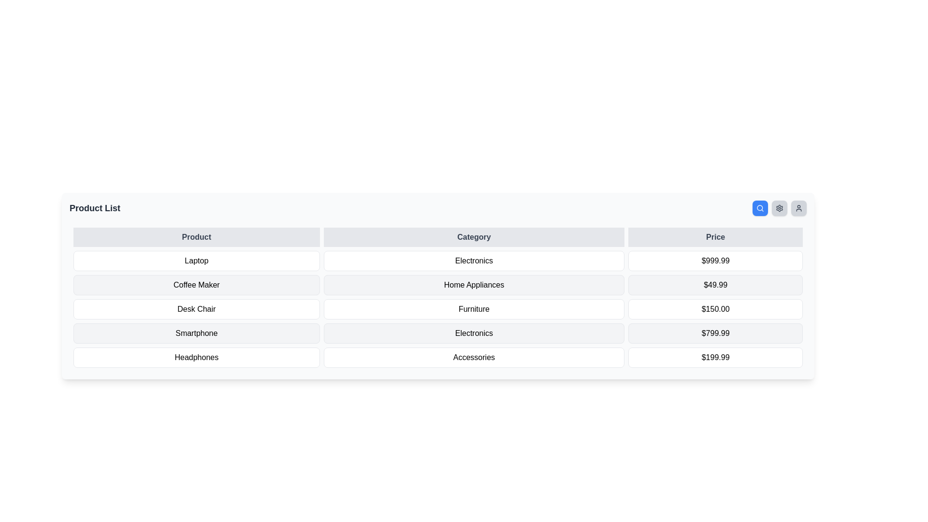 The width and height of the screenshot is (928, 522). What do you see at coordinates (760, 208) in the screenshot?
I see `the magnifying glass icon inside the blue circular button to initiate a search` at bounding box center [760, 208].